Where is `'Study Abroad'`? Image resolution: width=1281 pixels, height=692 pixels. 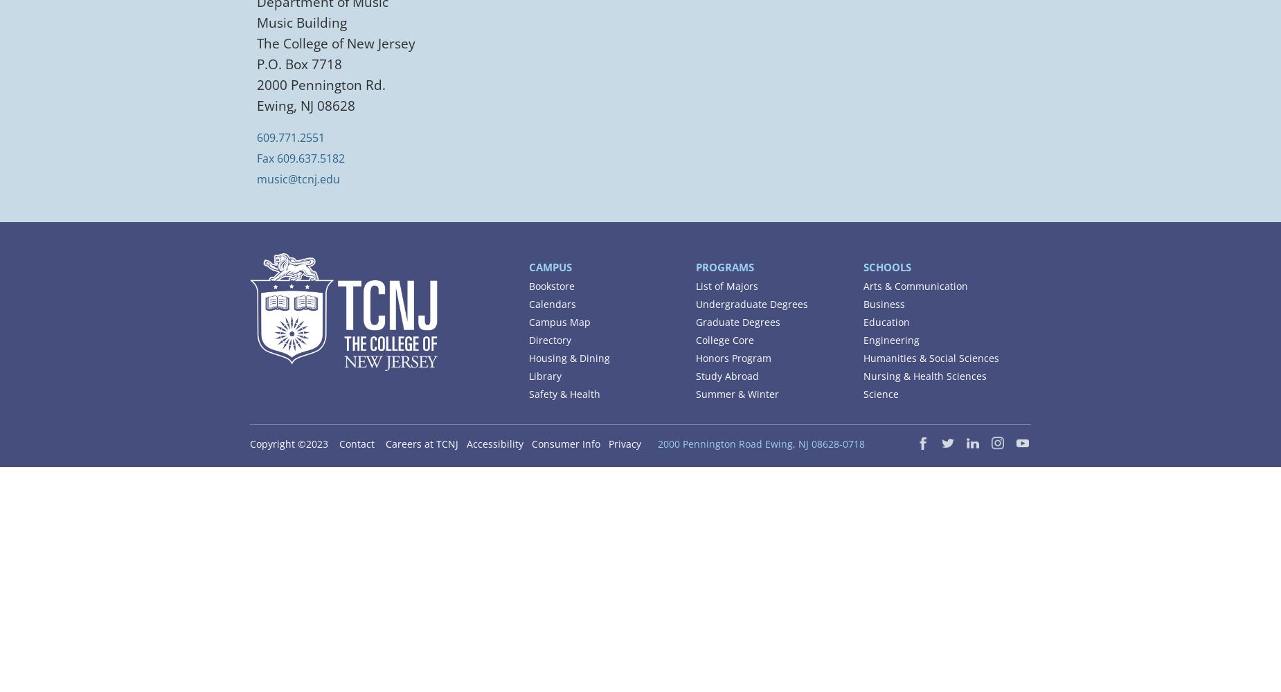
'Study Abroad' is located at coordinates (726, 375).